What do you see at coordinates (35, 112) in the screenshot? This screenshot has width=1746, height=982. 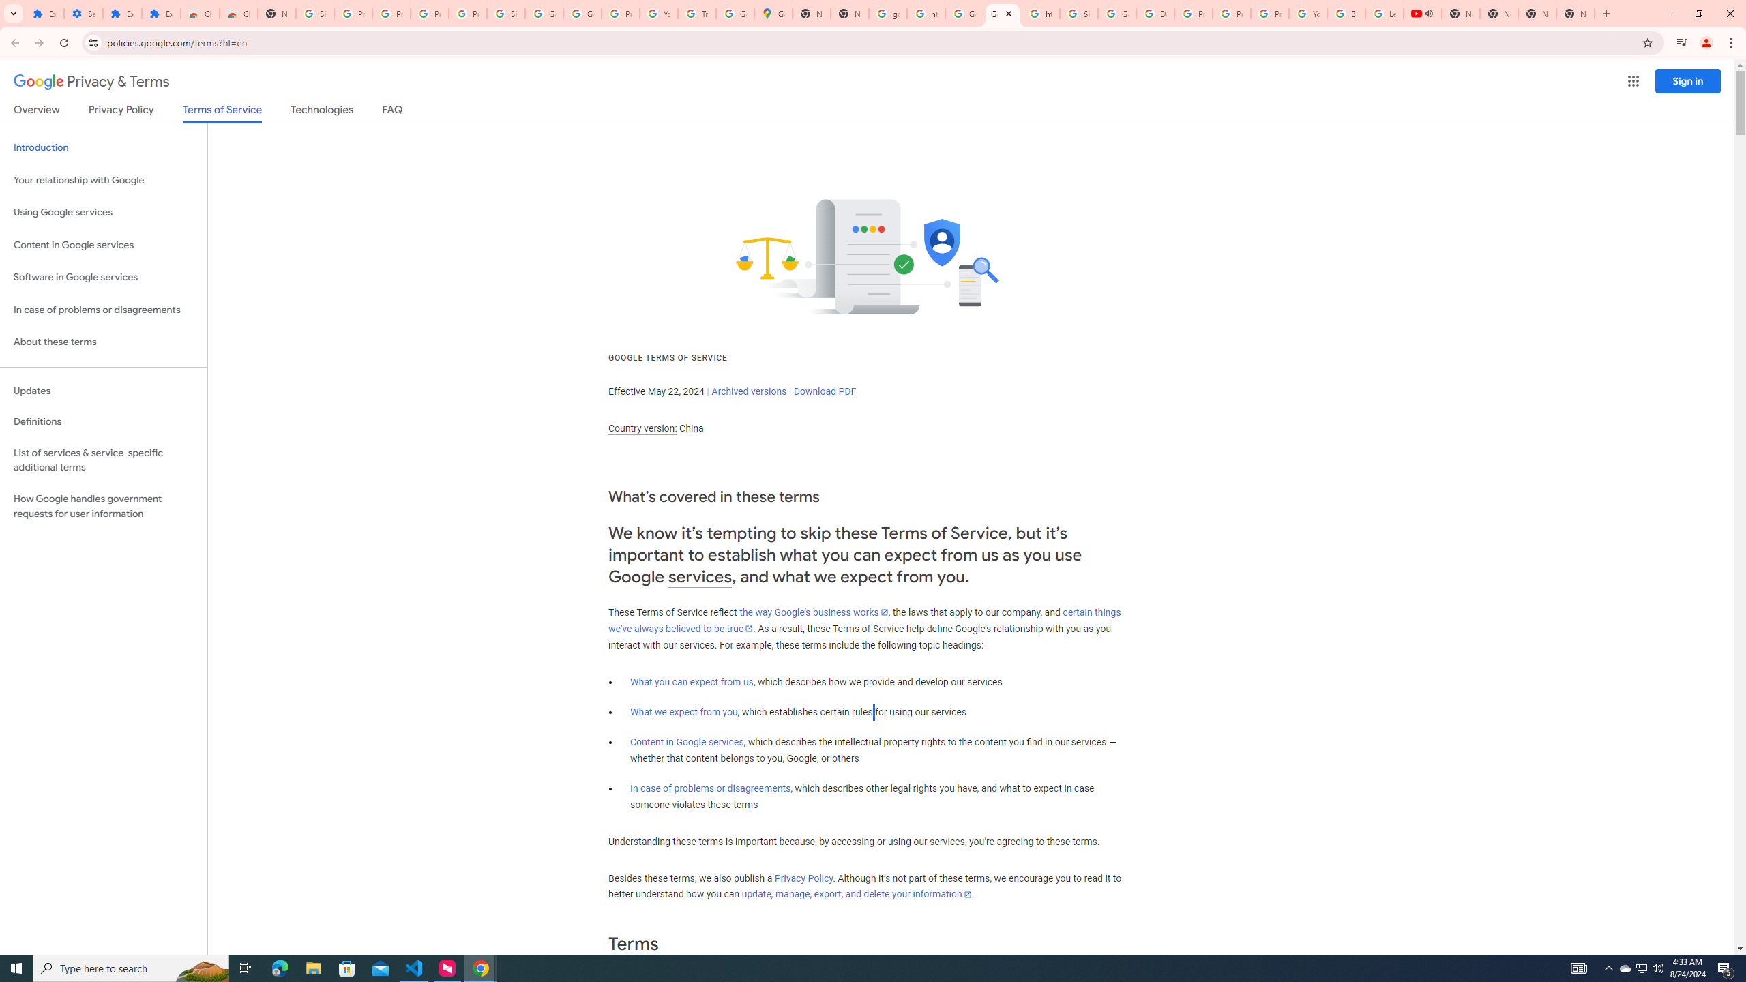 I see `'Overview'` at bounding box center [35, 112].